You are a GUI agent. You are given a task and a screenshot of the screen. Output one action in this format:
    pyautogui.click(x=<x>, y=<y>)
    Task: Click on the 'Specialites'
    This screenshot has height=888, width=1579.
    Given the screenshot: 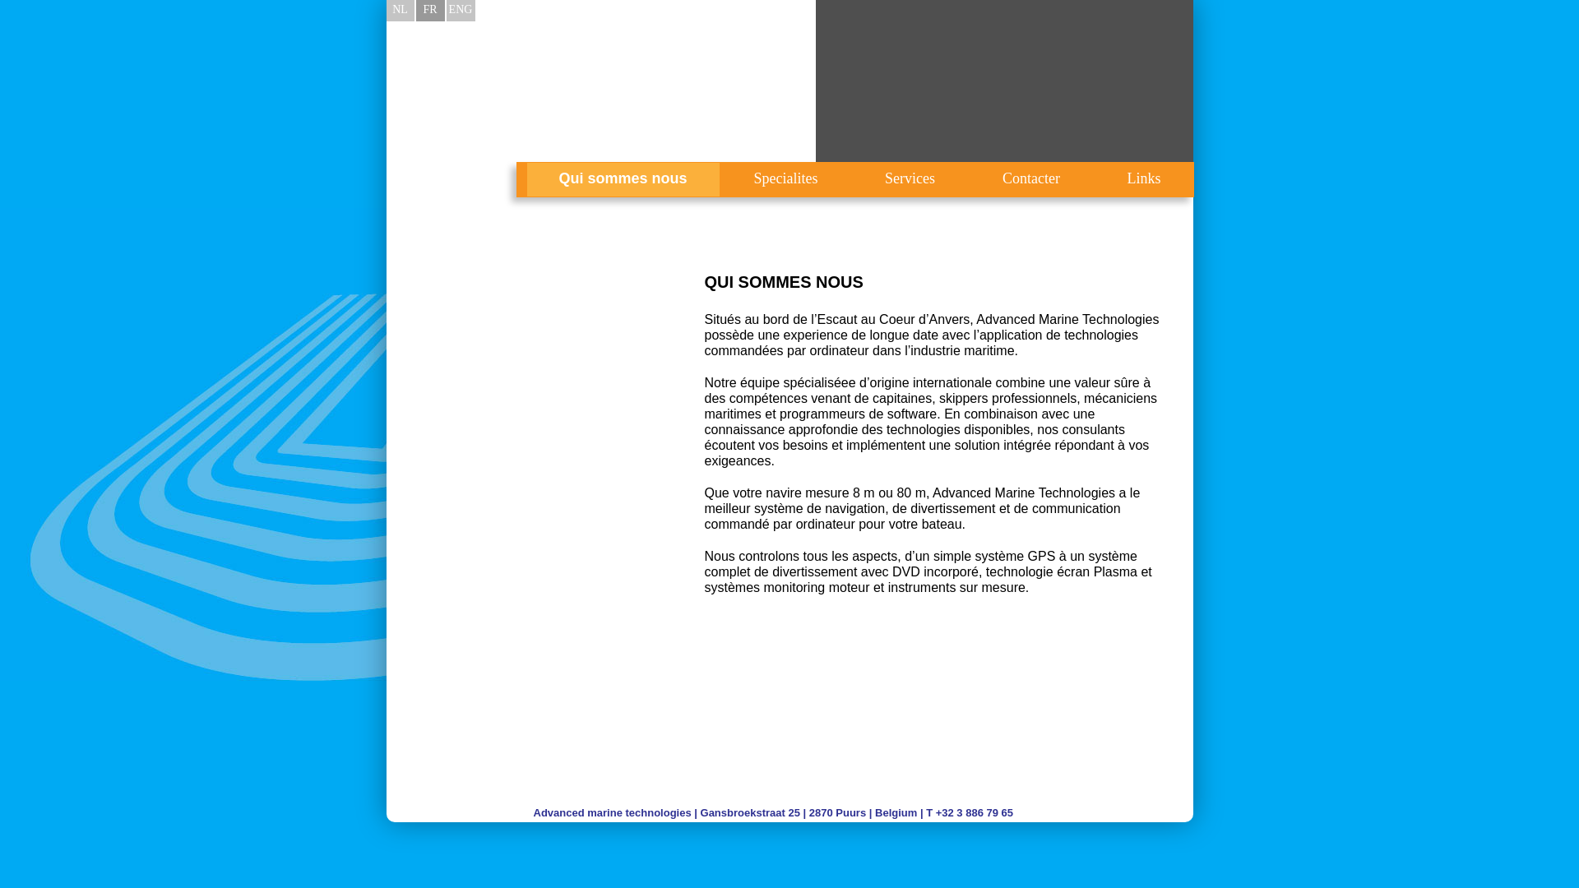 What is the action you would take?
    pyautogui.click(x=785, y=179)
    